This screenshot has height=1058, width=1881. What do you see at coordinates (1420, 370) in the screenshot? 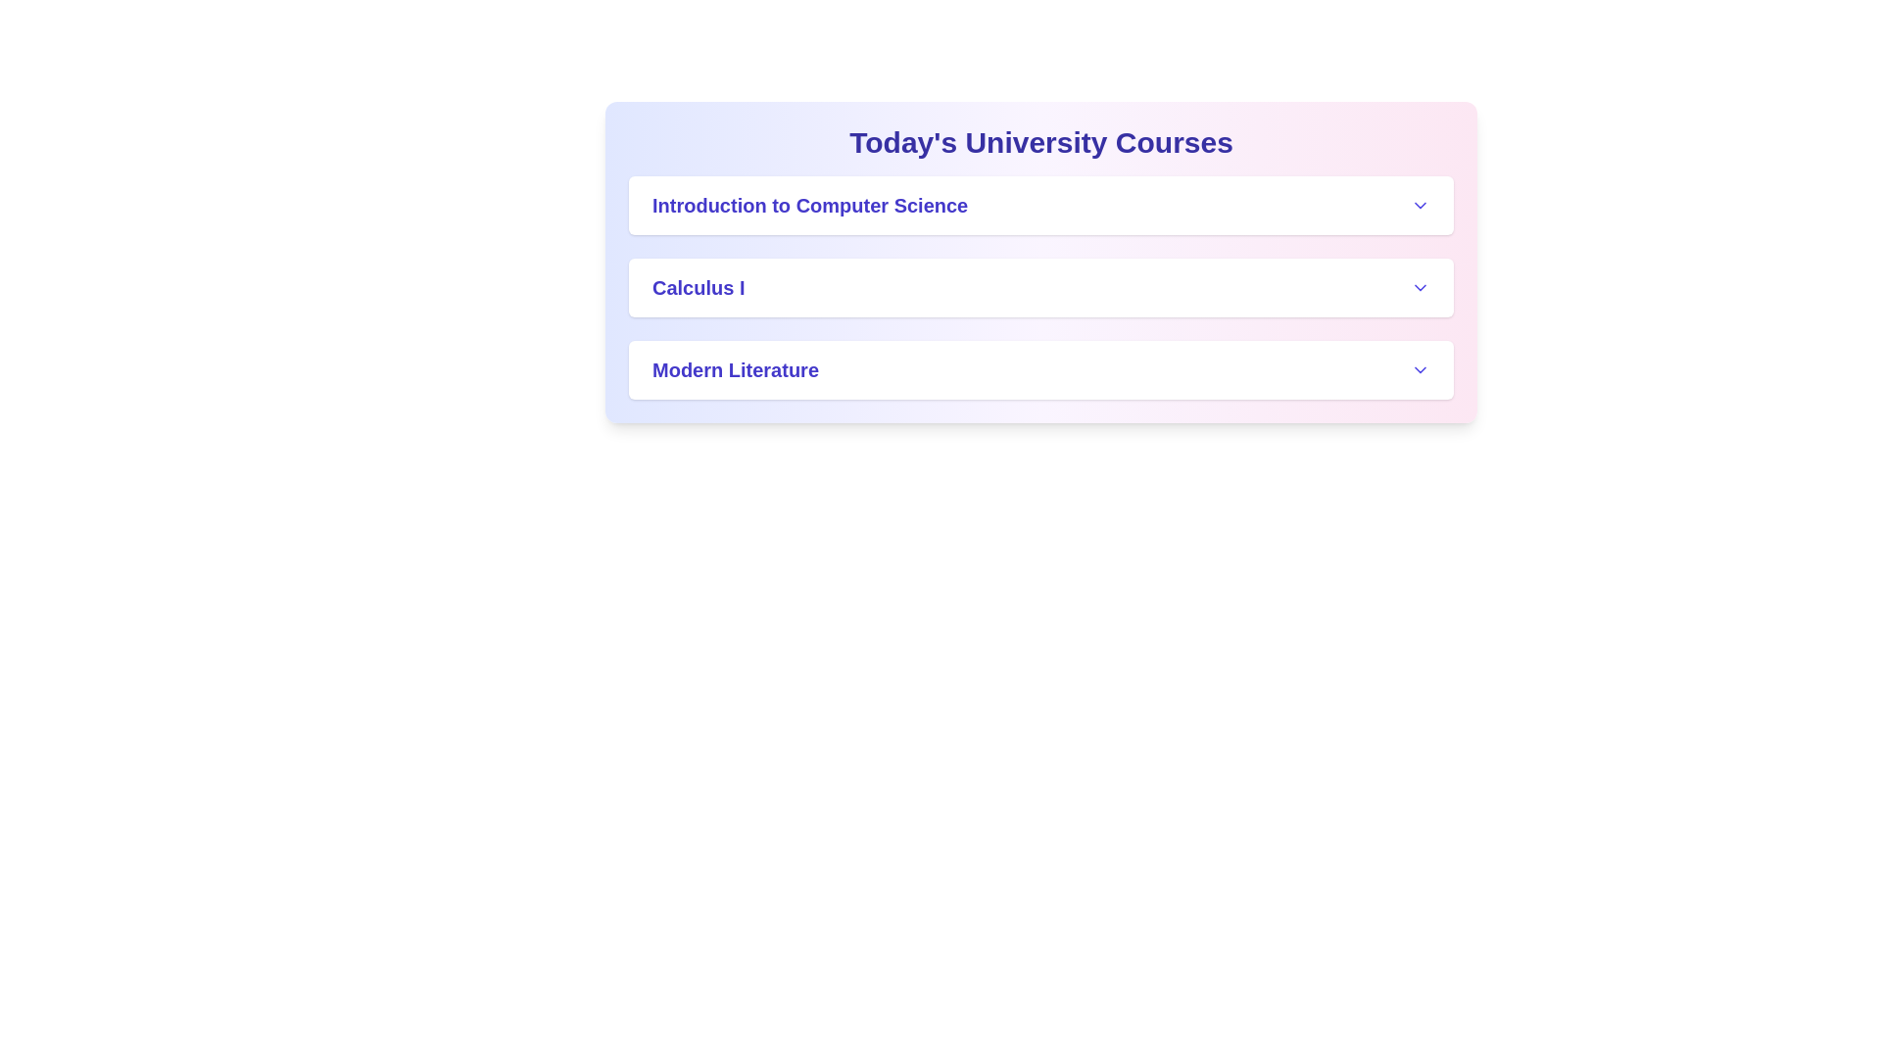
I see `the expand/collapse button for Modern Literature to toggle its details` at bounding box center [1420, 370].